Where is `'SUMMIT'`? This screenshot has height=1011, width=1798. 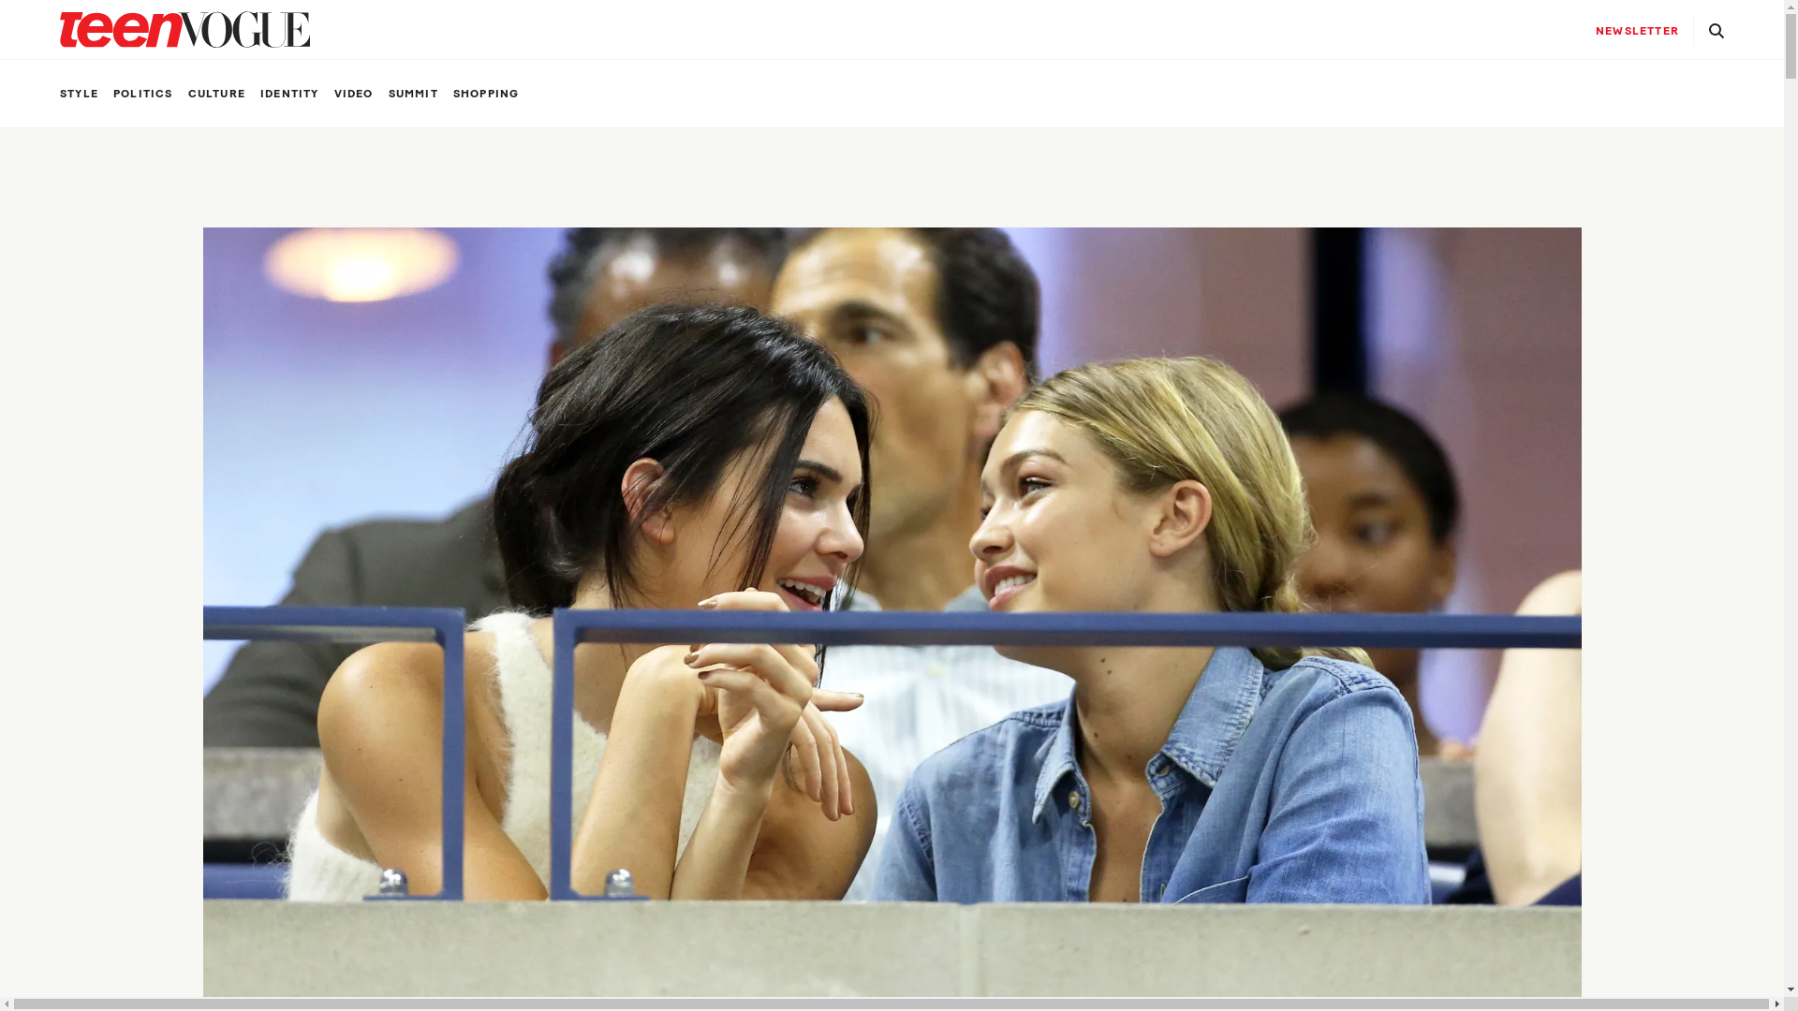
'SUMMIT' is located at coordinates (387, 94).